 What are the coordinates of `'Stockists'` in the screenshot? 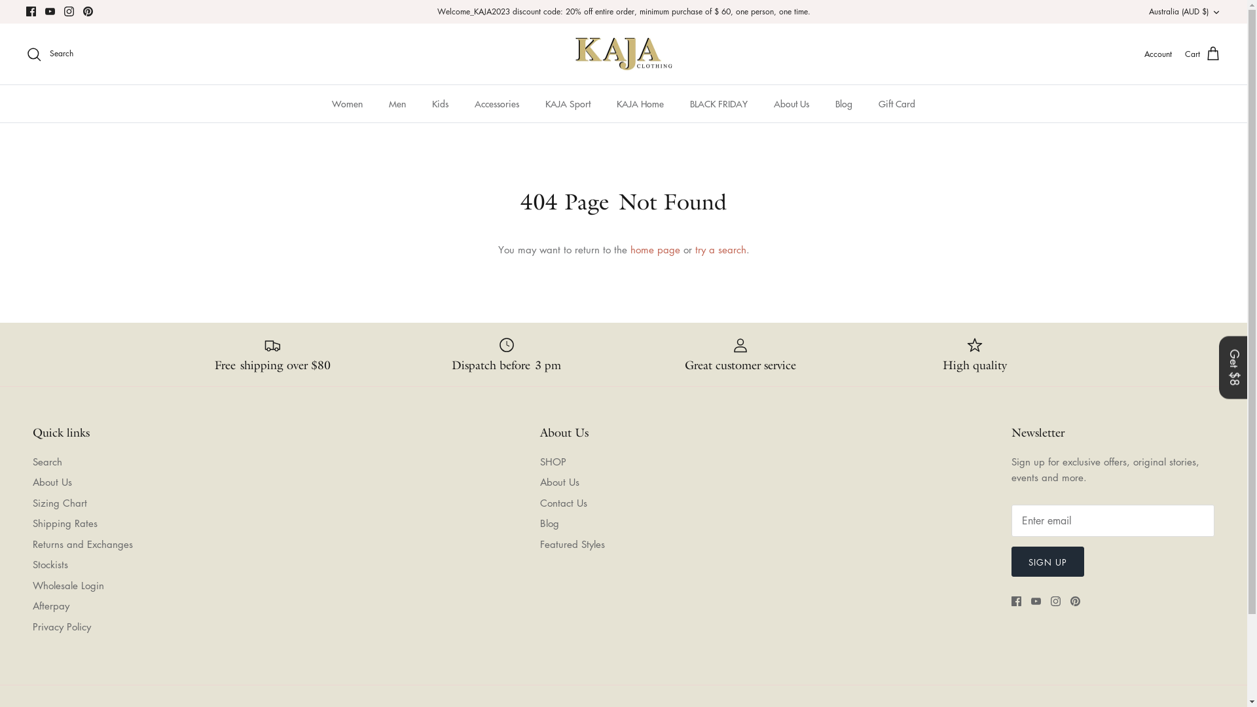 It's located at (50, 563).